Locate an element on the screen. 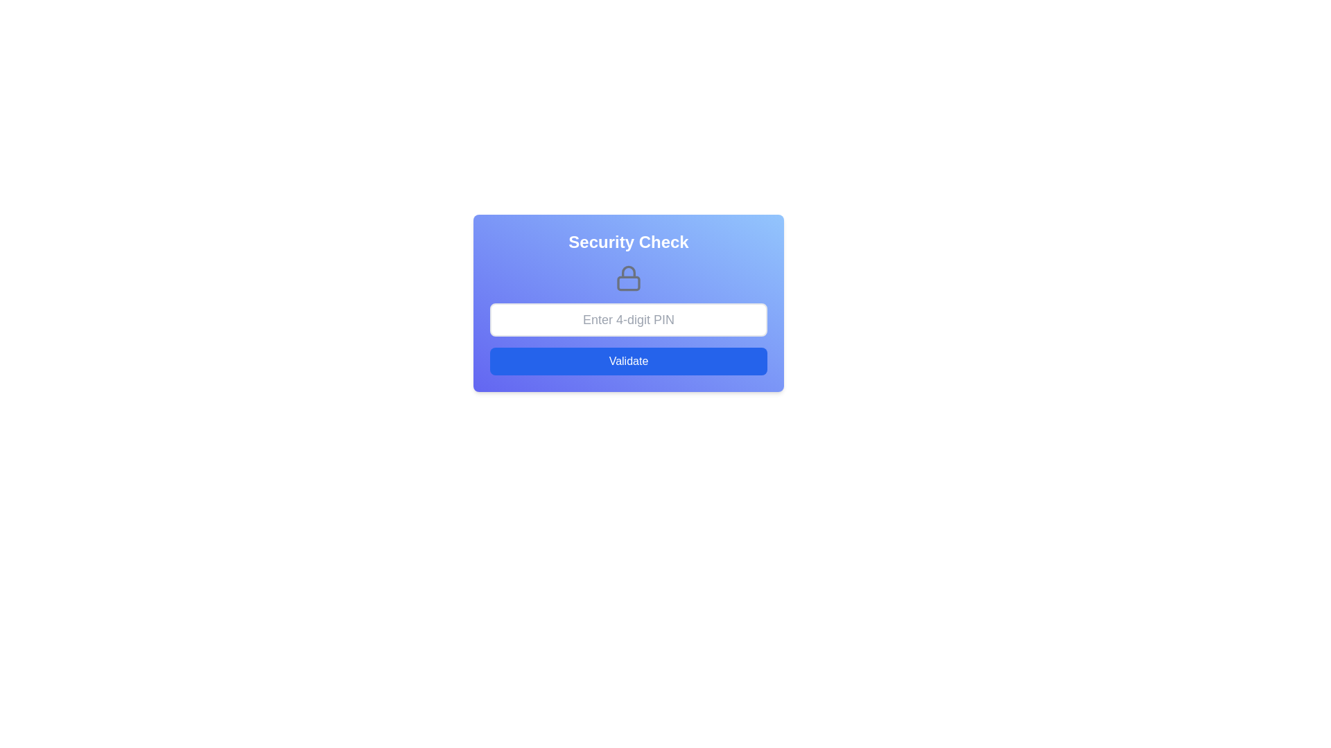 The width and height of the screenshot is (1331, 748). the 'Validate' button with a blue background and white text is located at coordinates (628, 360).